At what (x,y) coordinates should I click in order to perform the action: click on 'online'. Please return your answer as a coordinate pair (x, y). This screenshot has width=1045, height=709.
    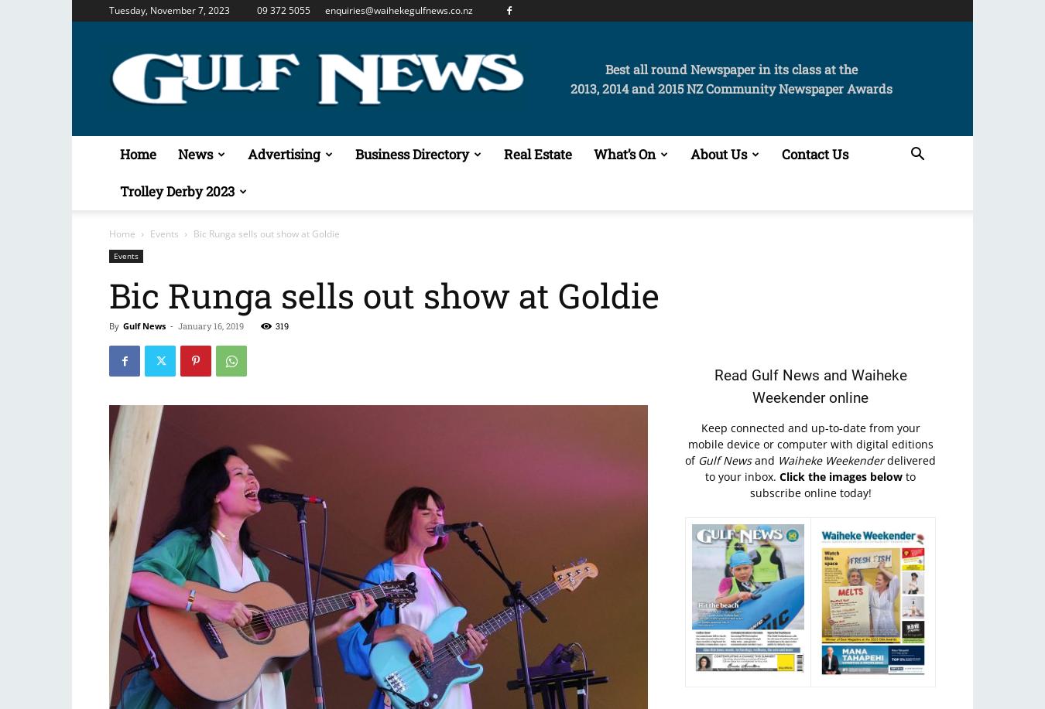
    Looking at the image, I should click on (847, 397).